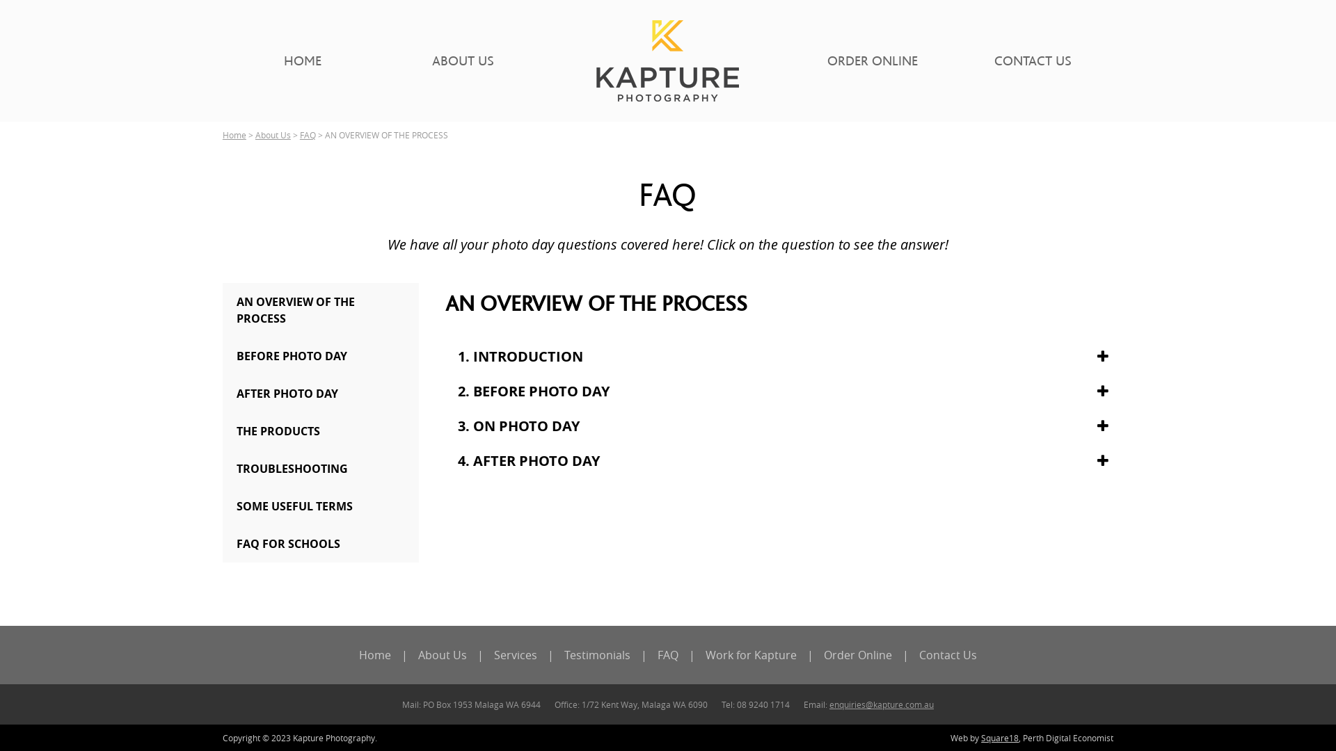 The image size is (1336, 751). What do you see at coordinates (319, 543) in the screenshot?
I see `'FAQ FOR SCHOOLS'` at bounding box center [319, 543].